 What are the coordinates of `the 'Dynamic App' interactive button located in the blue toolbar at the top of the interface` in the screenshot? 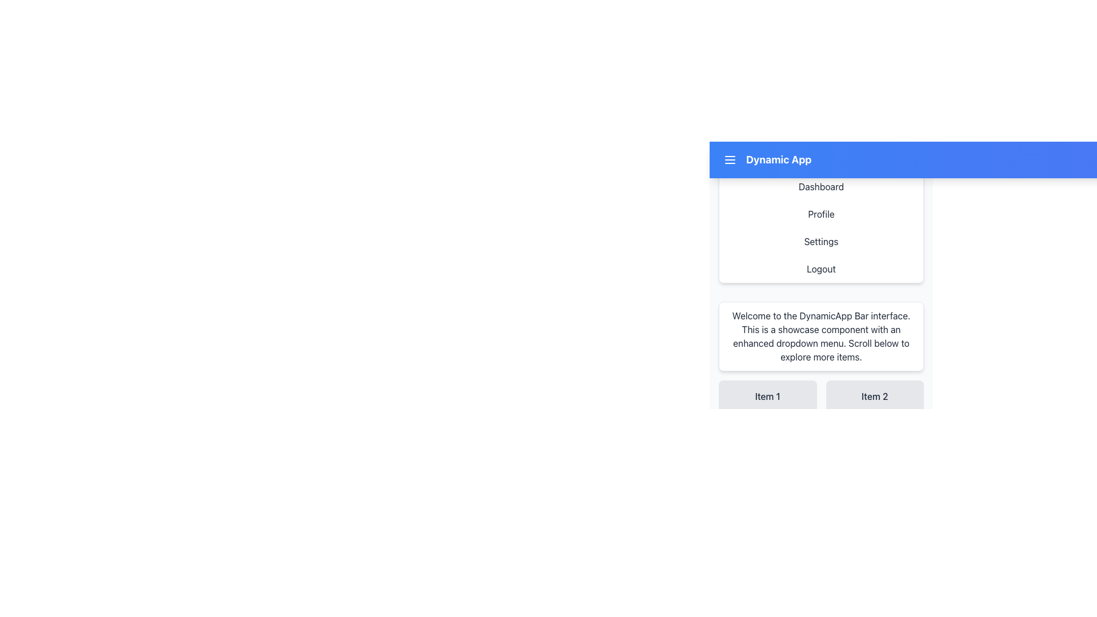 It's located at (820, 154).